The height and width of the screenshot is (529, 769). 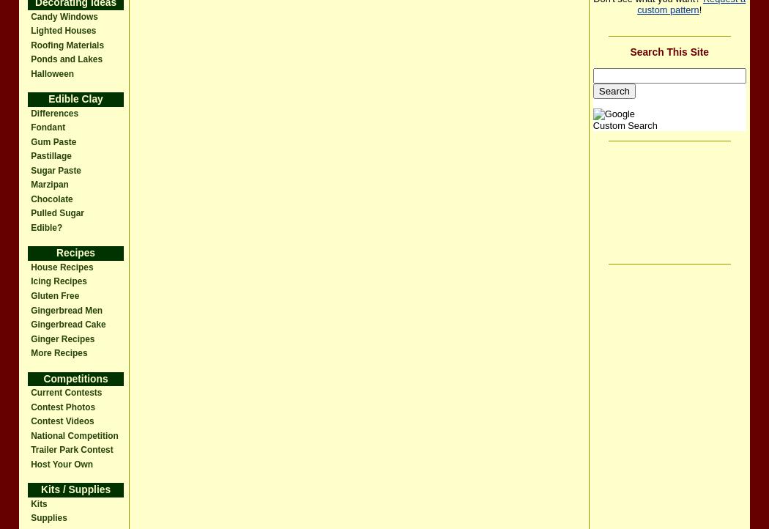 What do you see at coordinates (48, 517) in the screenshot?
I see `'Supplies'` at bounding box center [48, 517].